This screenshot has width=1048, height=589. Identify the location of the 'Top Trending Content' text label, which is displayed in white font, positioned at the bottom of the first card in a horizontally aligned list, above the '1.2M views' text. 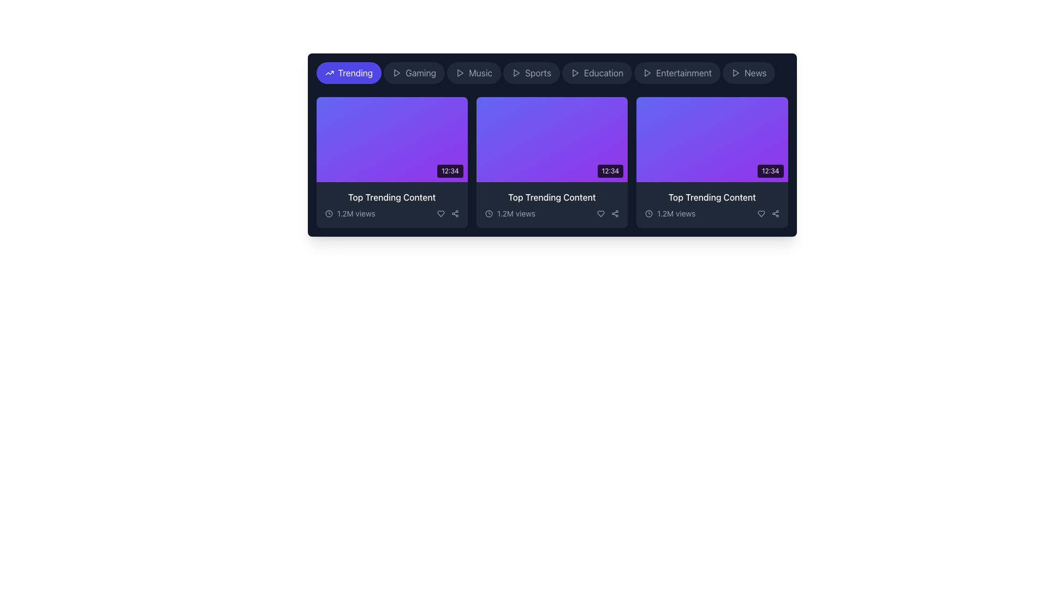
(392, 197).